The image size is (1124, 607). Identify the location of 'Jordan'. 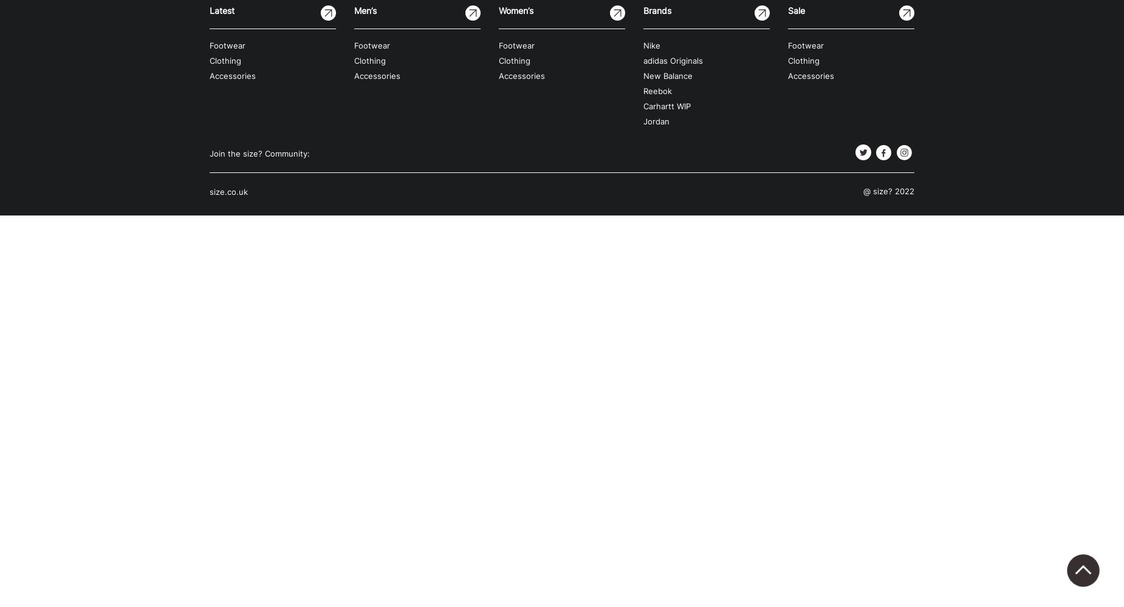
(656, 121).